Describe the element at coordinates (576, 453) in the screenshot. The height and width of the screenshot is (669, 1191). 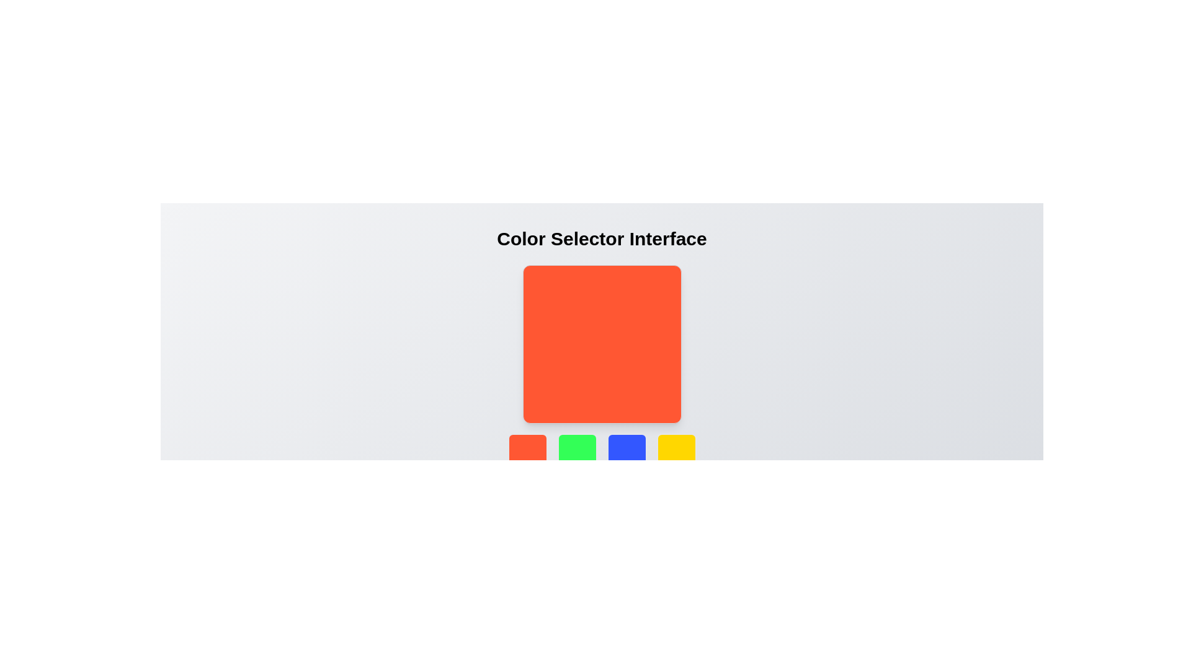
I see `the bright green square button with rounded borders located in the second position of a 4x1 grid at the bottom of the interface` at that location.